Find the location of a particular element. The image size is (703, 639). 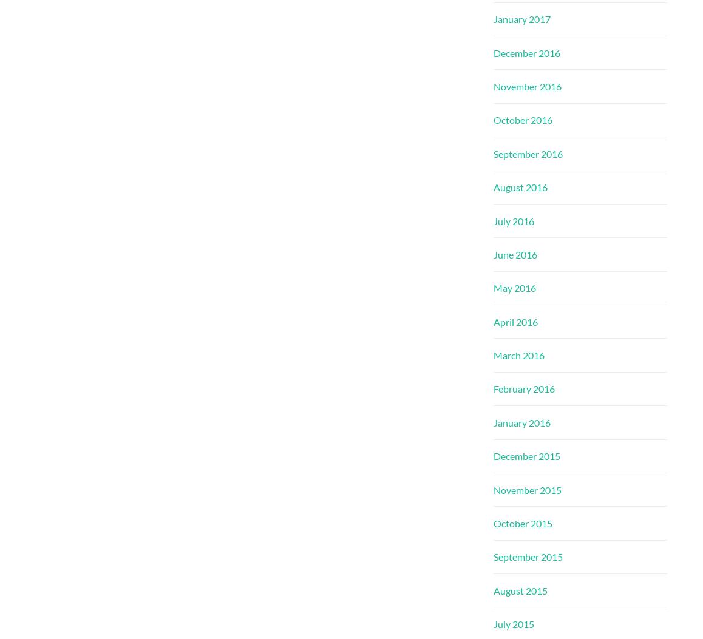

'April 2016' is located at coordinates (515, 320).